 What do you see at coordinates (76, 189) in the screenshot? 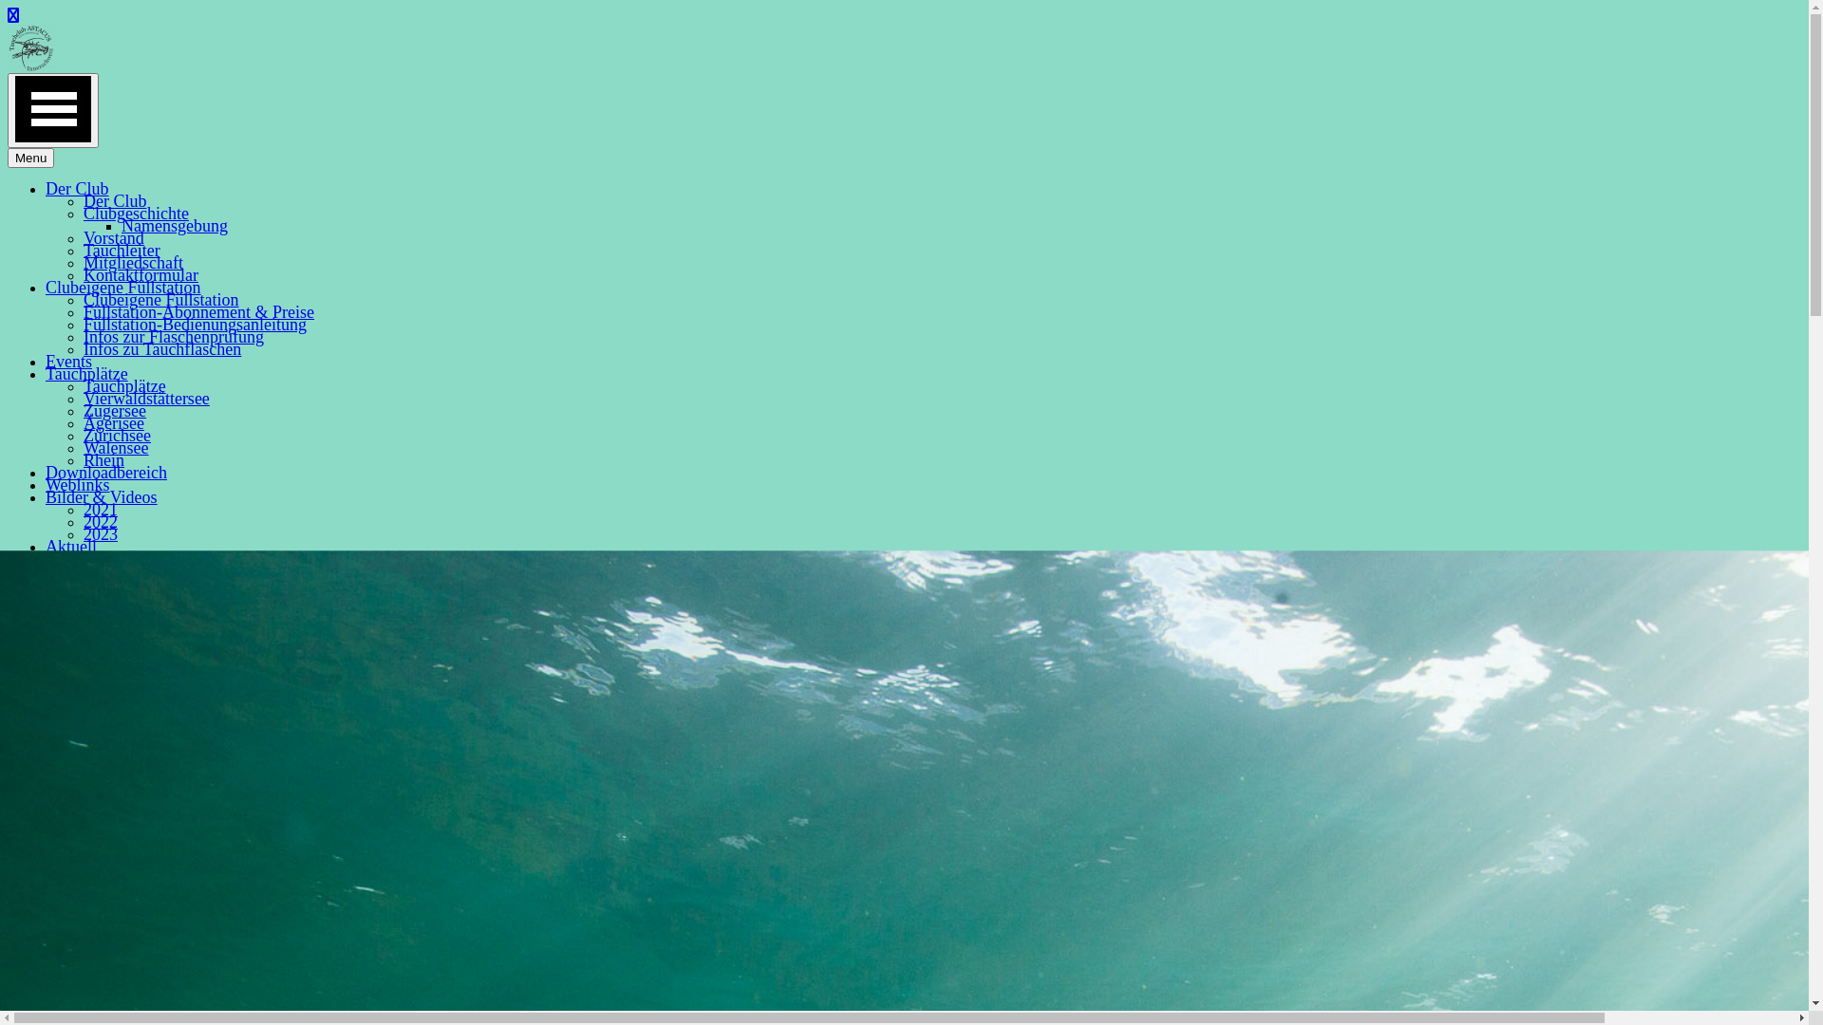
I see `'Der Club'` at bounding box center [76, 189].